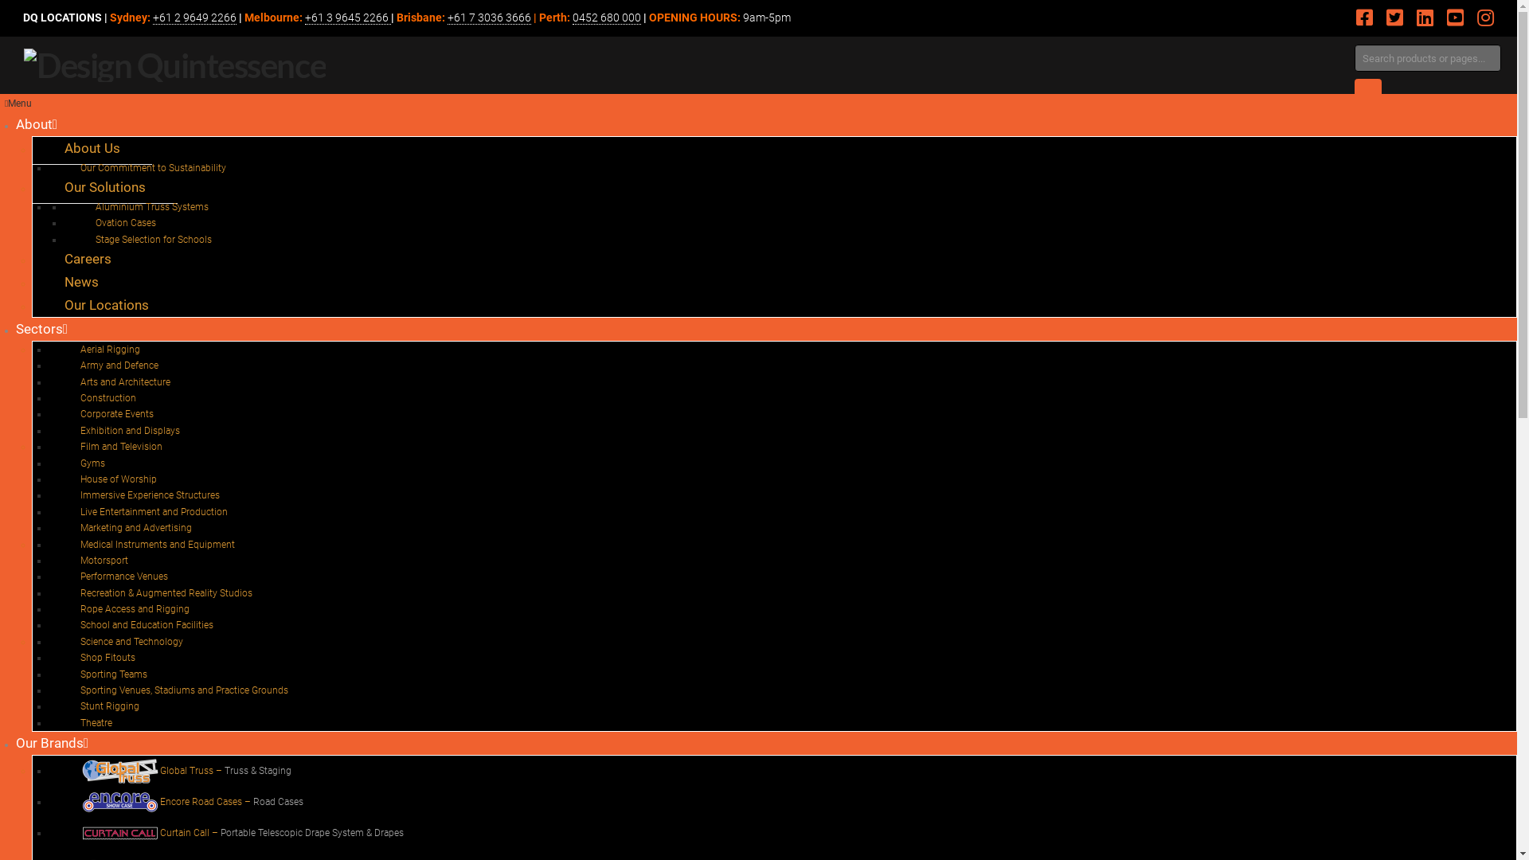 The image size is (1529, 860). Describe the element at coordinates (130, 430) in the screenshot. I see `'Exhibition and Displays'` at that location.